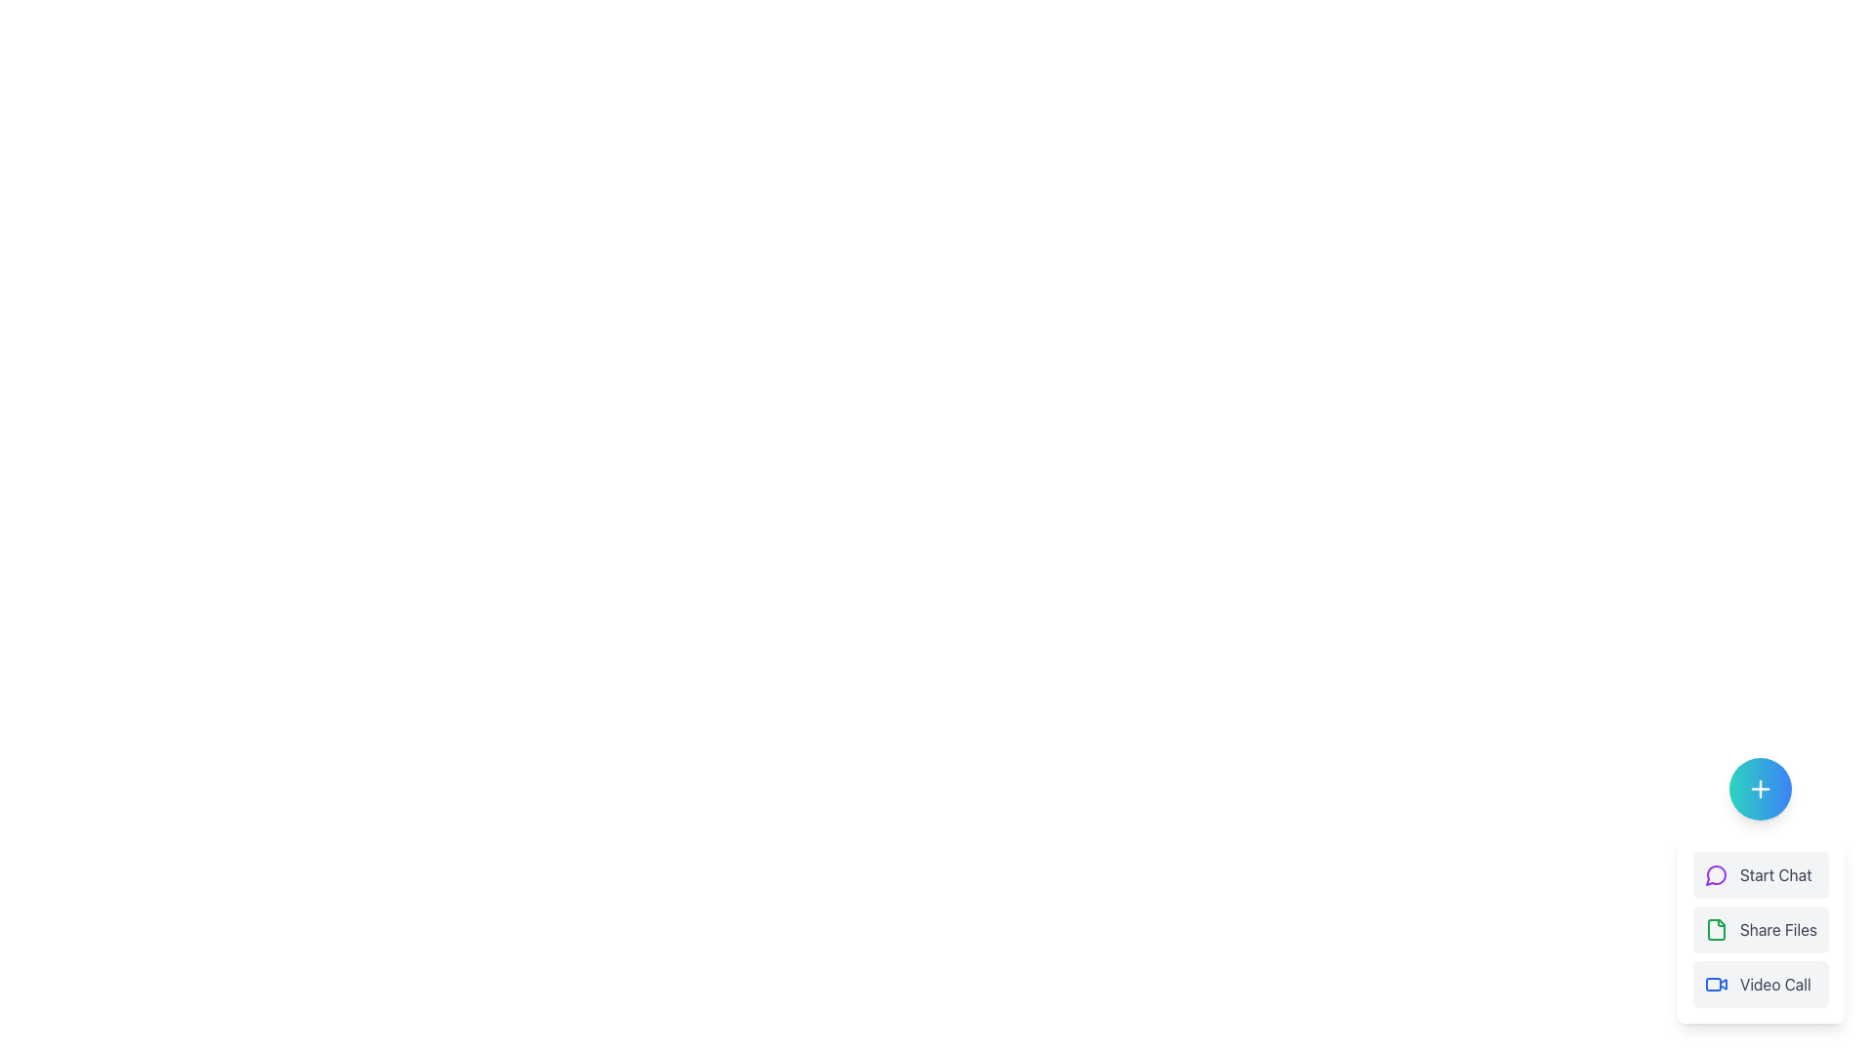  Describe the element at coordinates (1715, 984) in the screenshot. I see `the video camera icon with a blue outline located next to the 'Video Call' text in the button` at that location.